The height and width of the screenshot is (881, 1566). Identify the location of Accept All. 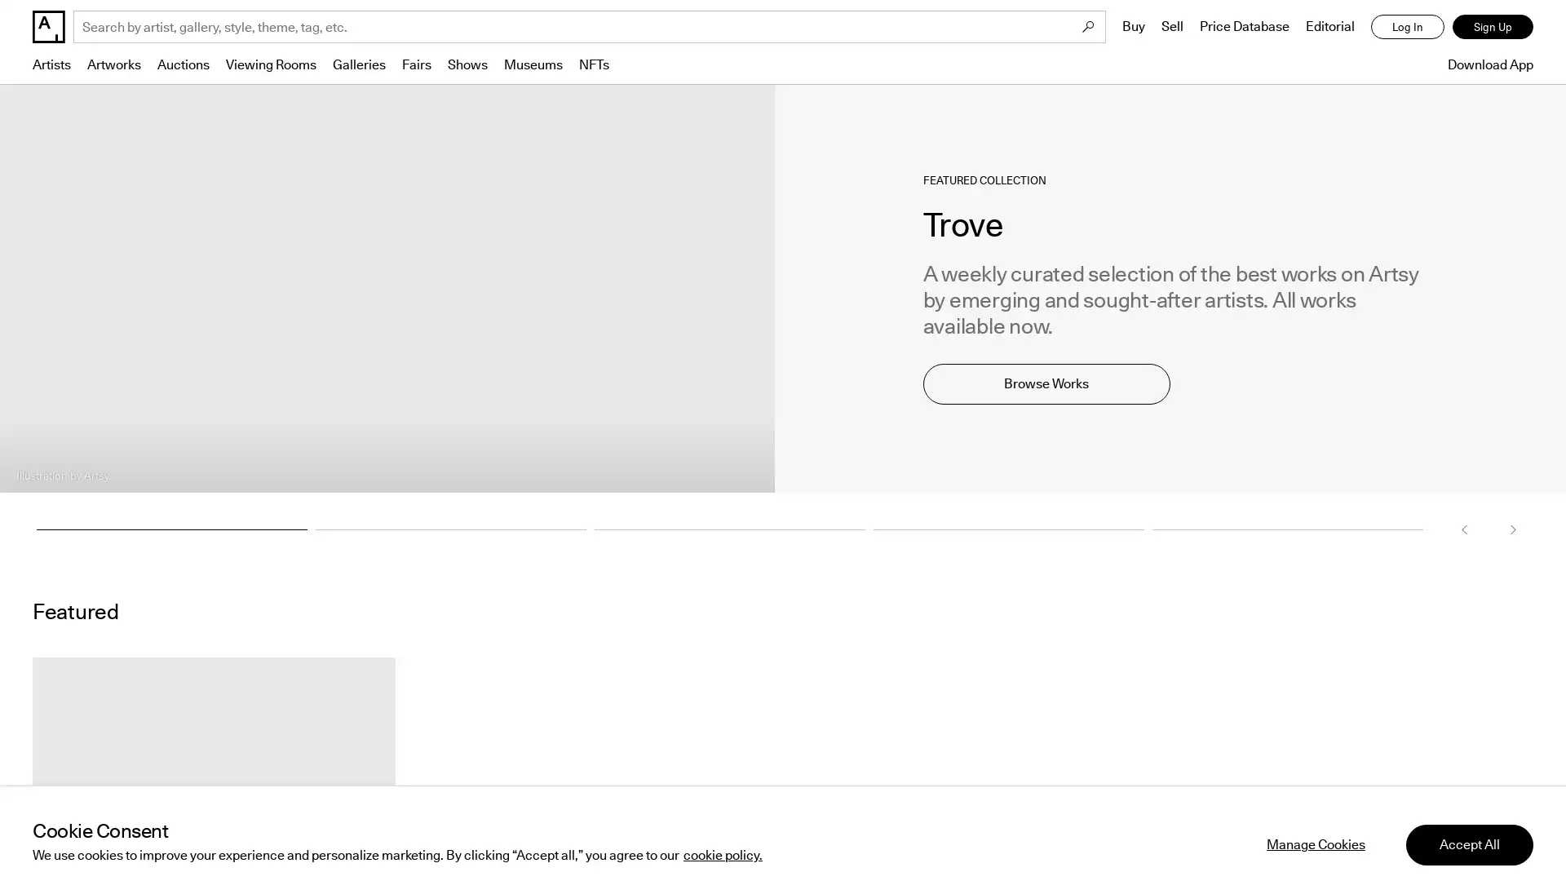
(1469, 827).